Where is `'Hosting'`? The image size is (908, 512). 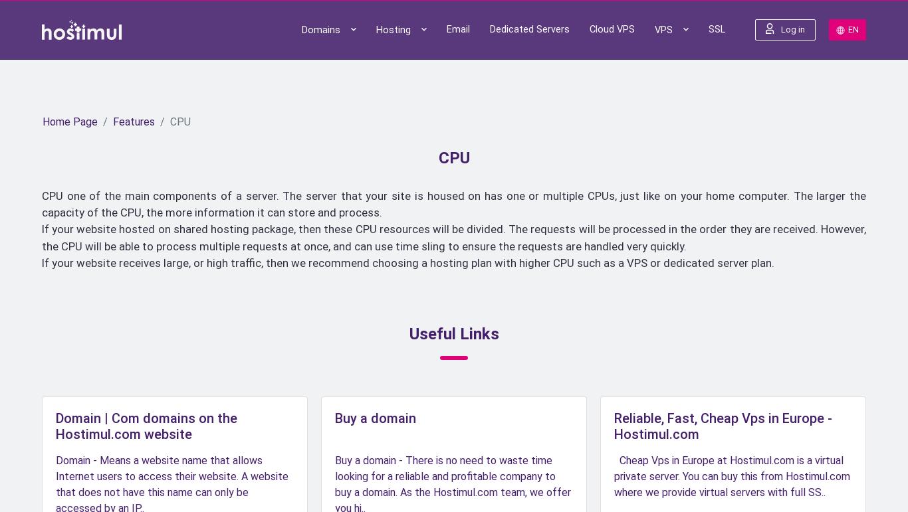 'Hosting' is located at coordinates (394, 52).